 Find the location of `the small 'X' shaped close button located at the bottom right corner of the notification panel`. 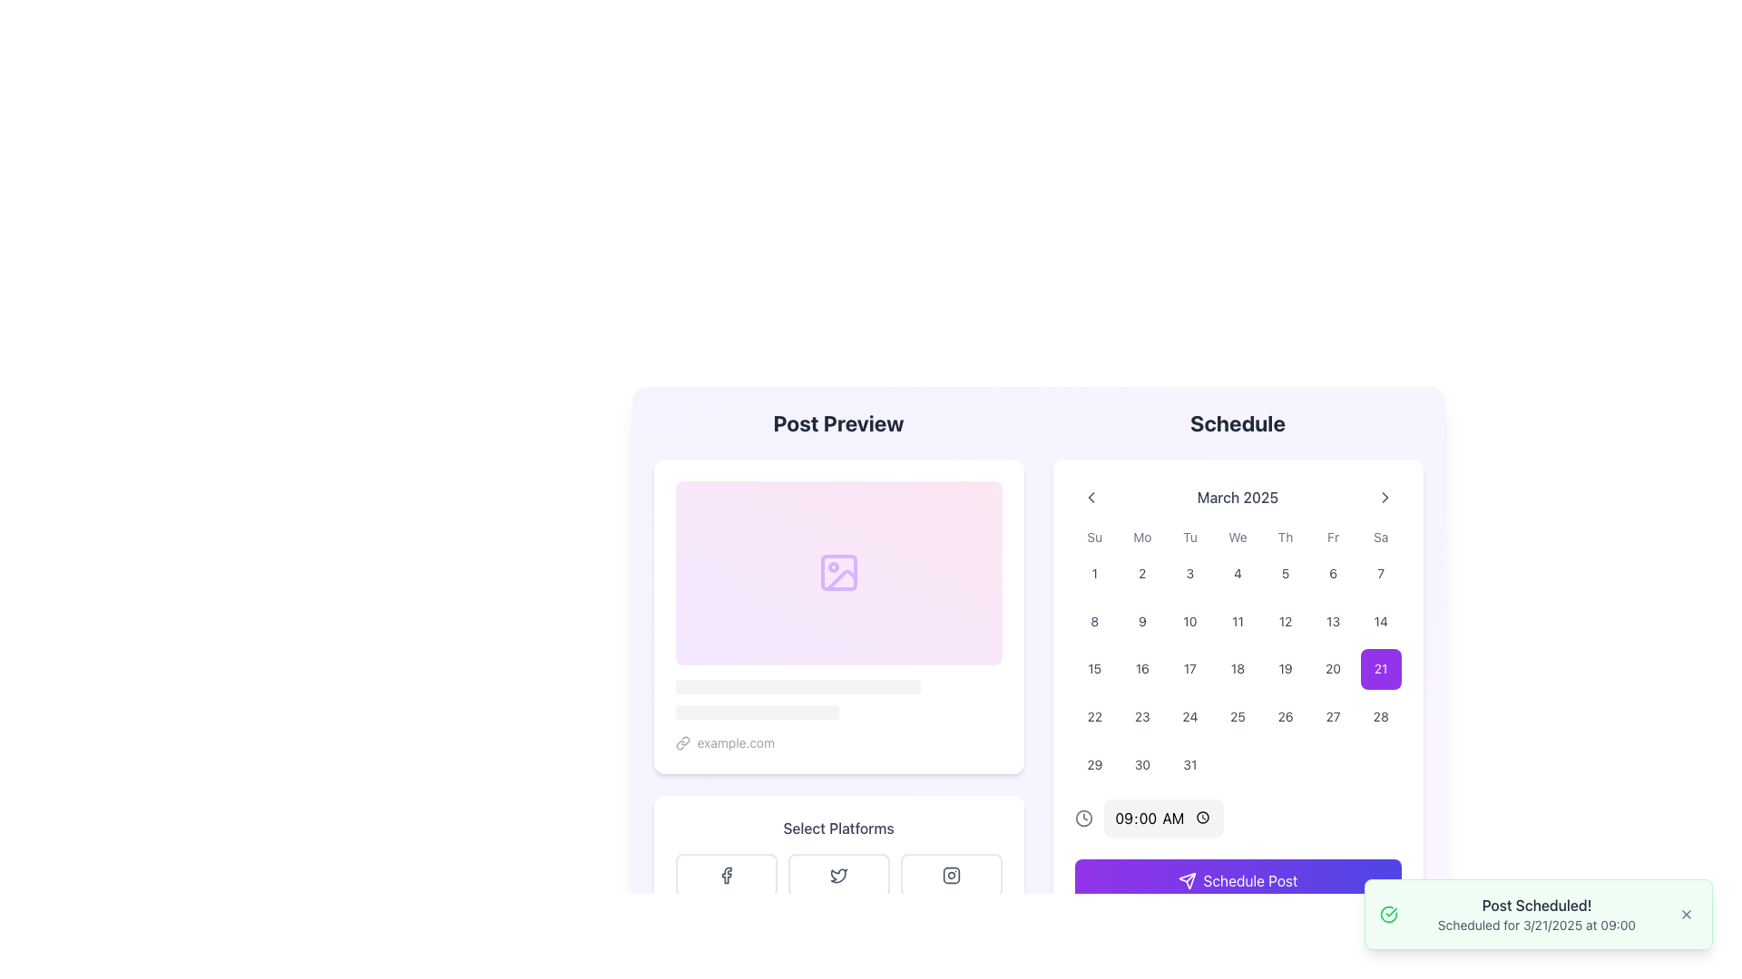

the small 'X' shaped close button located at the bottom right corner of the notification panel is located at coordinates (1685, 915).